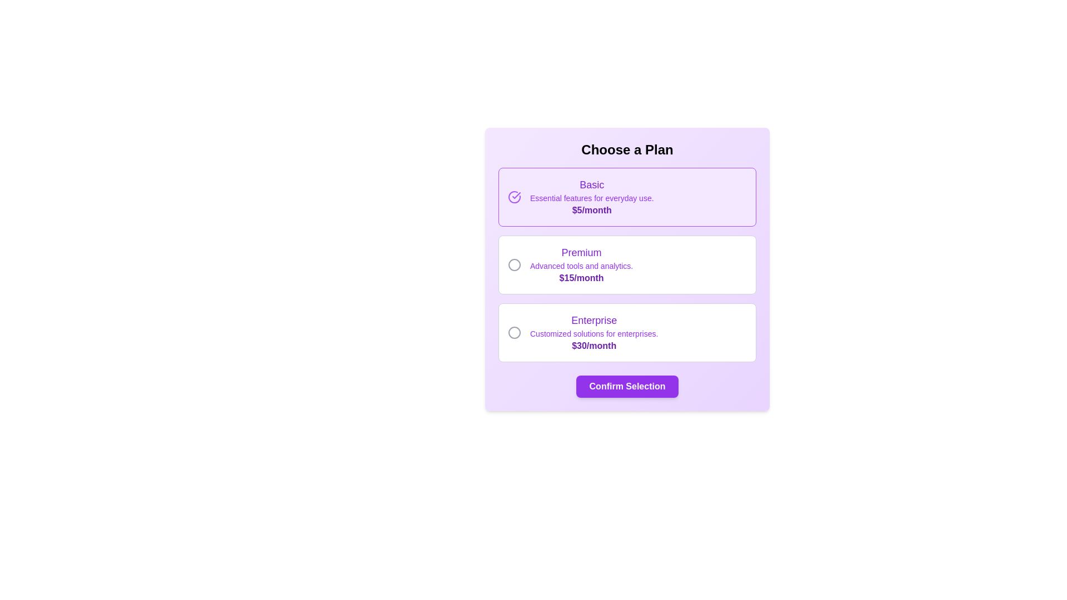 This screenshot has height=600, width=1067. I want to click on the textual label that describes the 'Enterprise' plan, located in the lower section of the 'Enterprise' plan box, directly below the 'Enterprise' title, so click(594, 333).